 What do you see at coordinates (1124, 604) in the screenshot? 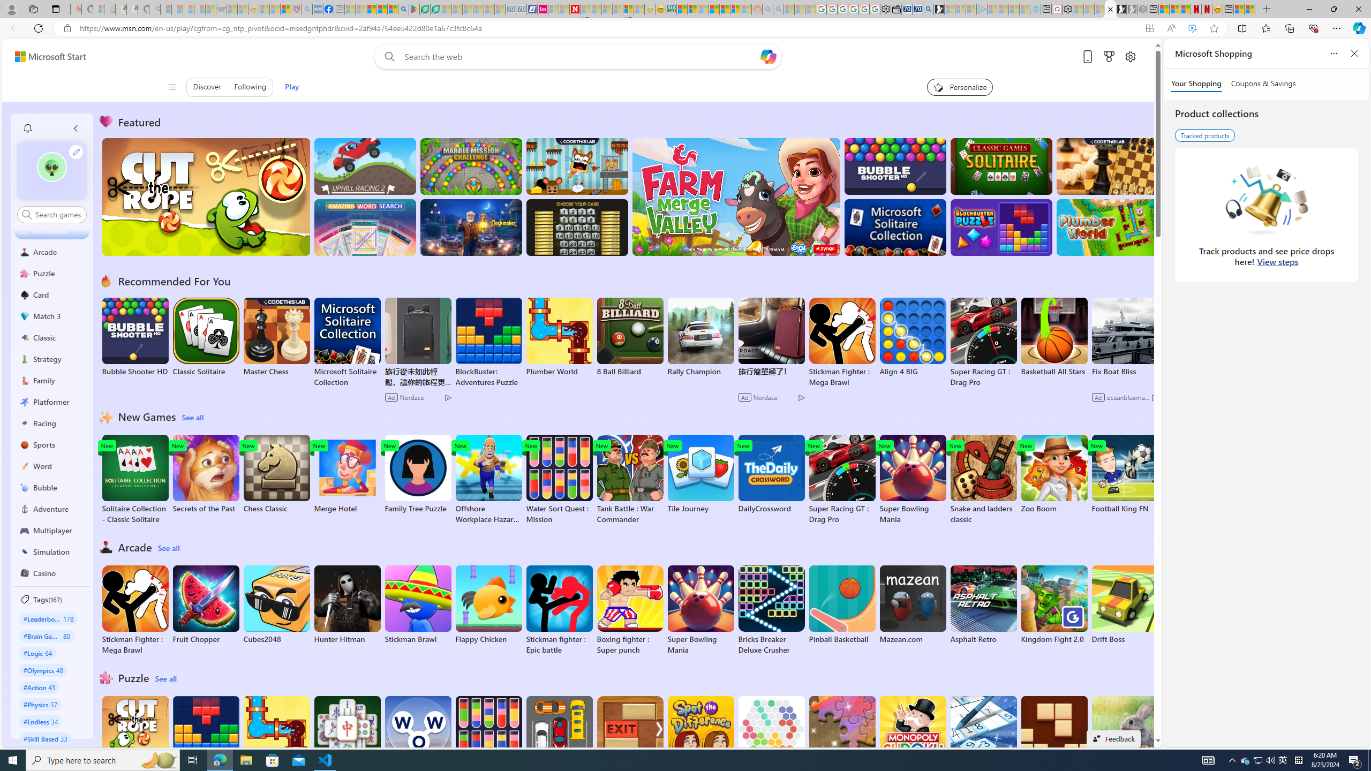
I see `'Drift Boss'` at bounding box center [1124, 604].